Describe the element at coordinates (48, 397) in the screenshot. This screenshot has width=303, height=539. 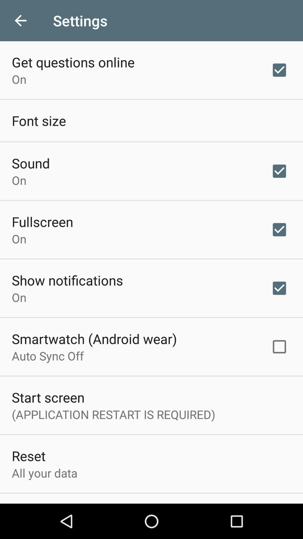
I see `the start screen item` at that location.